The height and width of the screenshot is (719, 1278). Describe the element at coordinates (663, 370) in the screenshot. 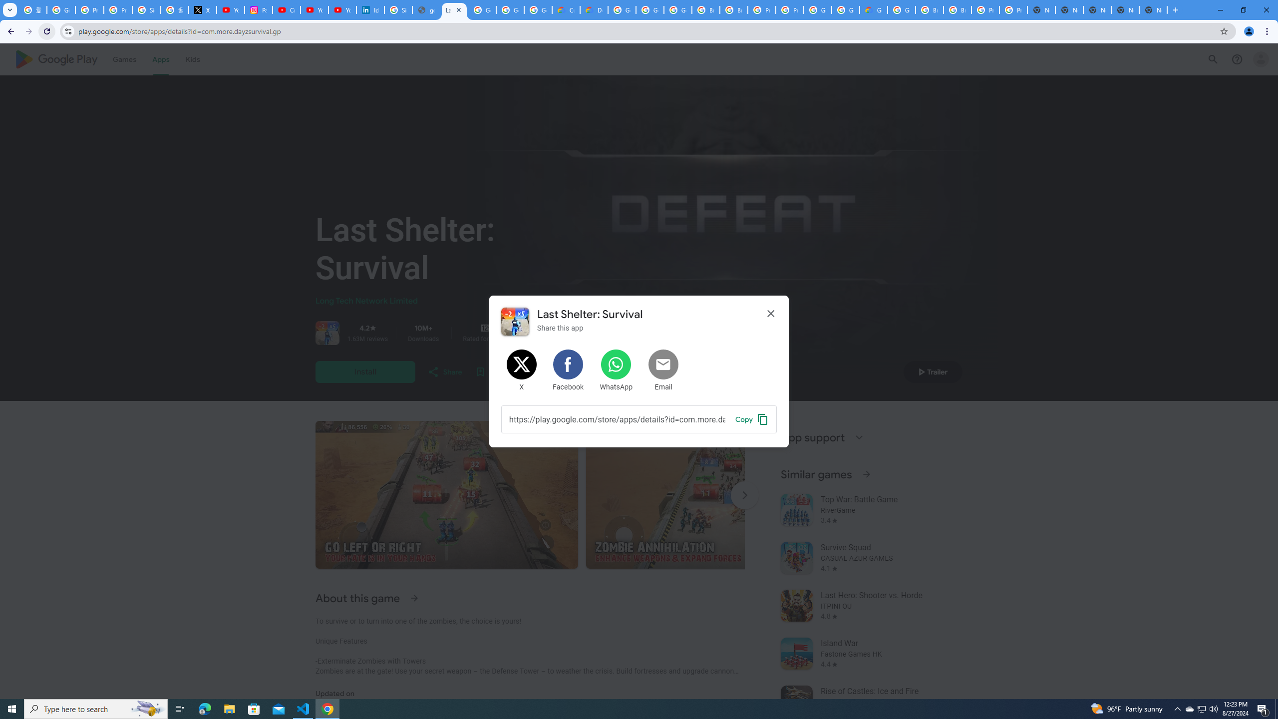

I see `'Share by Email'` at that location.